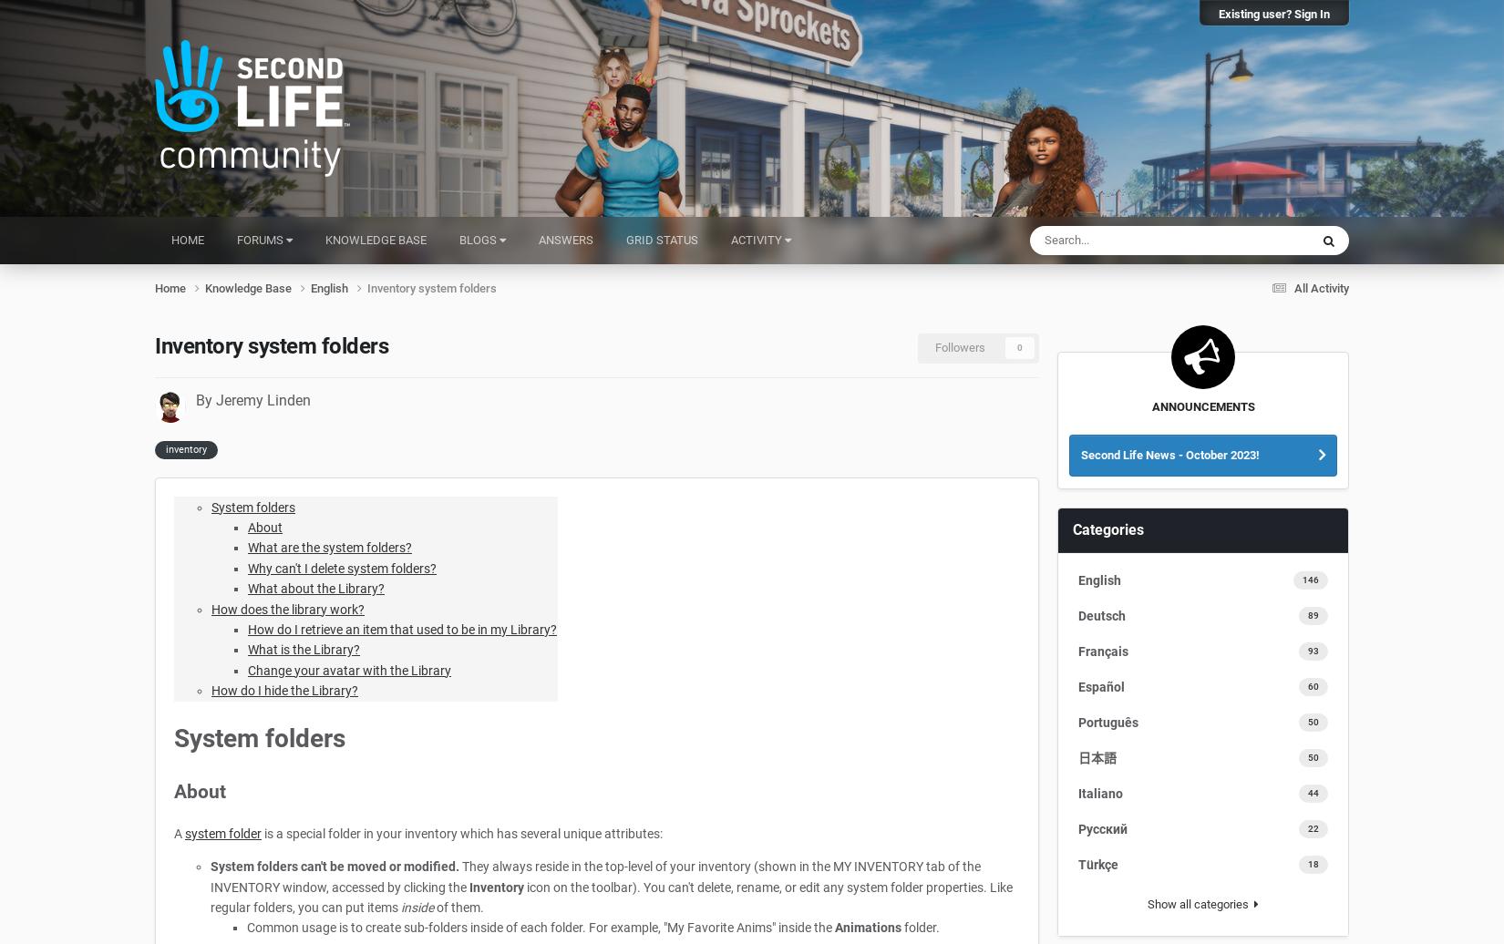 This screenshot has width=1504, height=944. Describe the element at coordinates (868, 927) in the screenshot. I see `'Animations'` at that location.